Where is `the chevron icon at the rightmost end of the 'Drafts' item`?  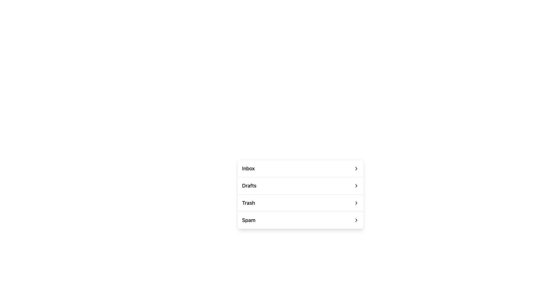 the chevron icon at the rightmost end of the 'Drafts' item is located at coordinates (356, 186).